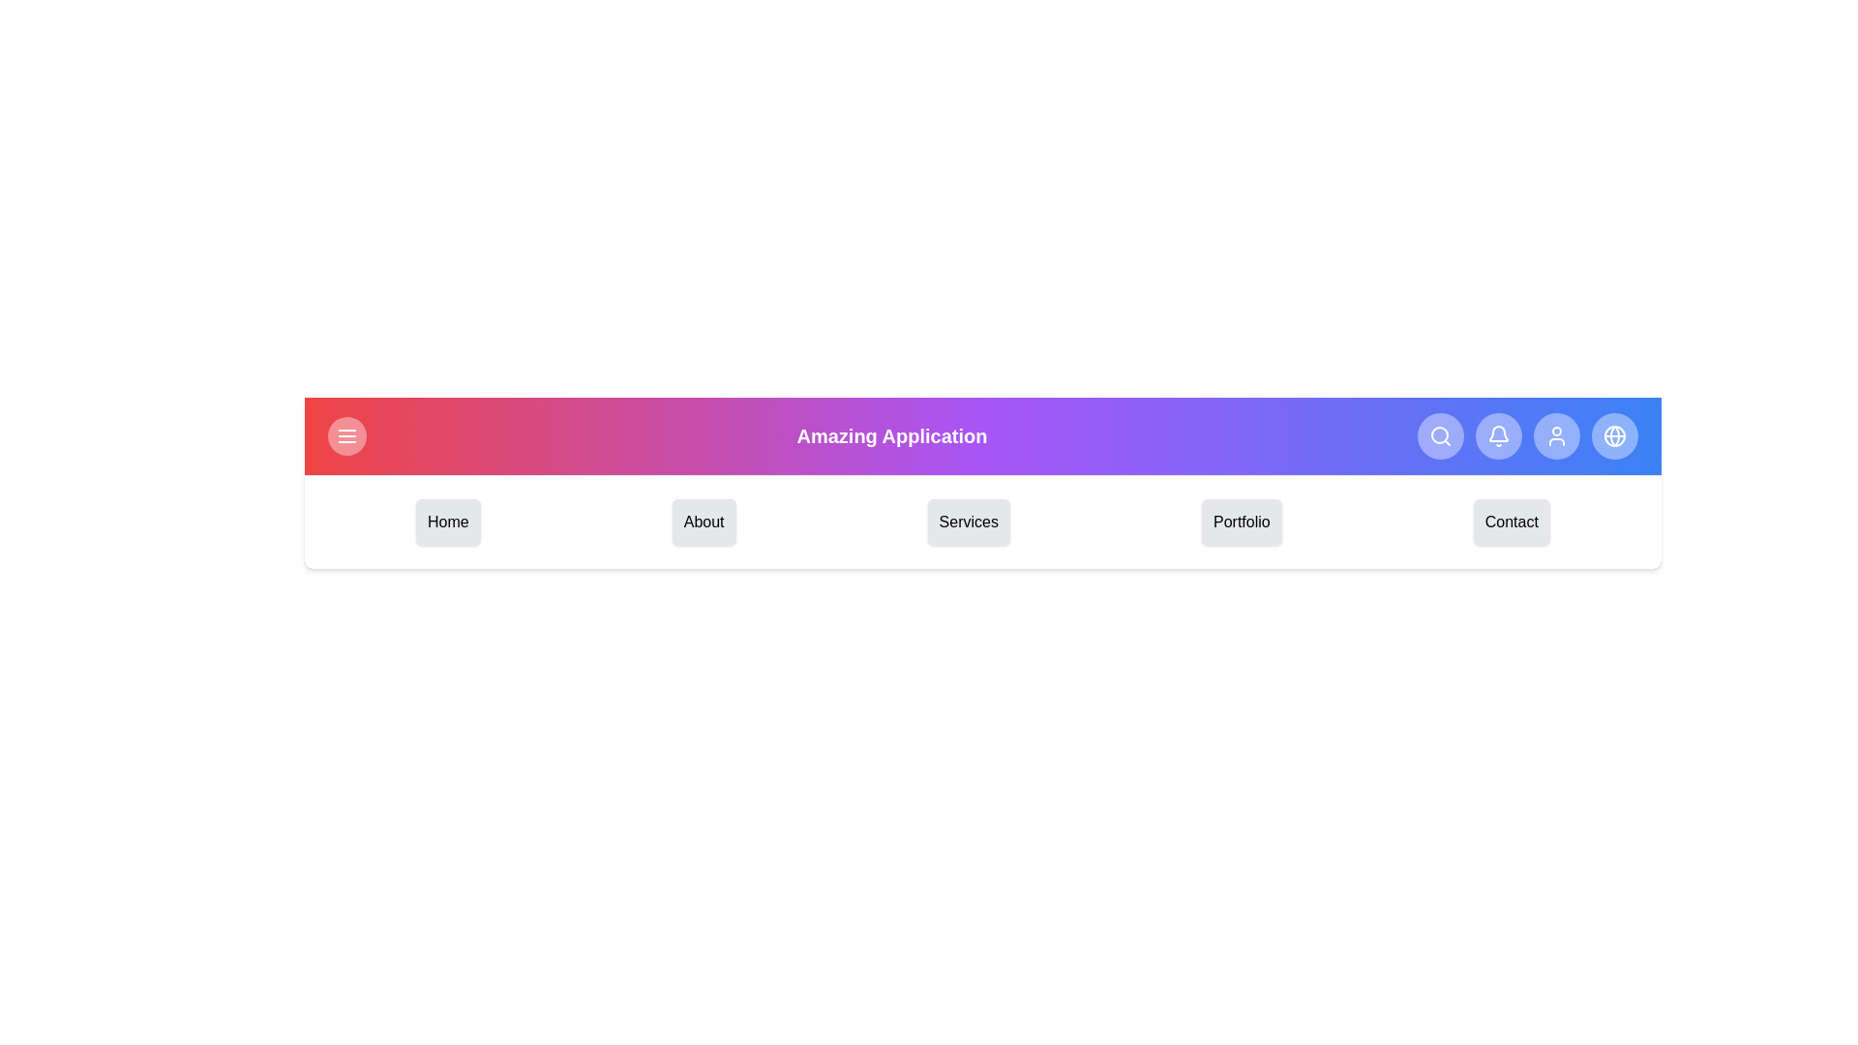 This screenshot has height=1045, width=1858. What do you see at coordinates (890, 436) in the screenshot?
I see `the header title text labeled 'Amazing Application'` at bounding box center [890, 436].